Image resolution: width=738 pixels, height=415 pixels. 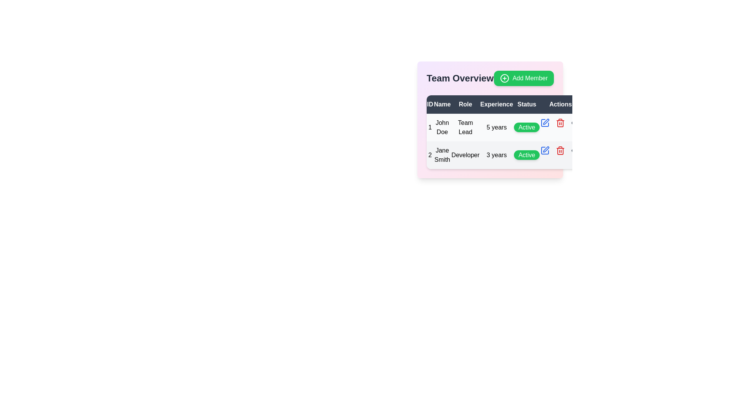 I want to click on to select the second row in the table that contains detailed information about the individual, located right below the row for 'John Doe', so click(x=504, y=155).